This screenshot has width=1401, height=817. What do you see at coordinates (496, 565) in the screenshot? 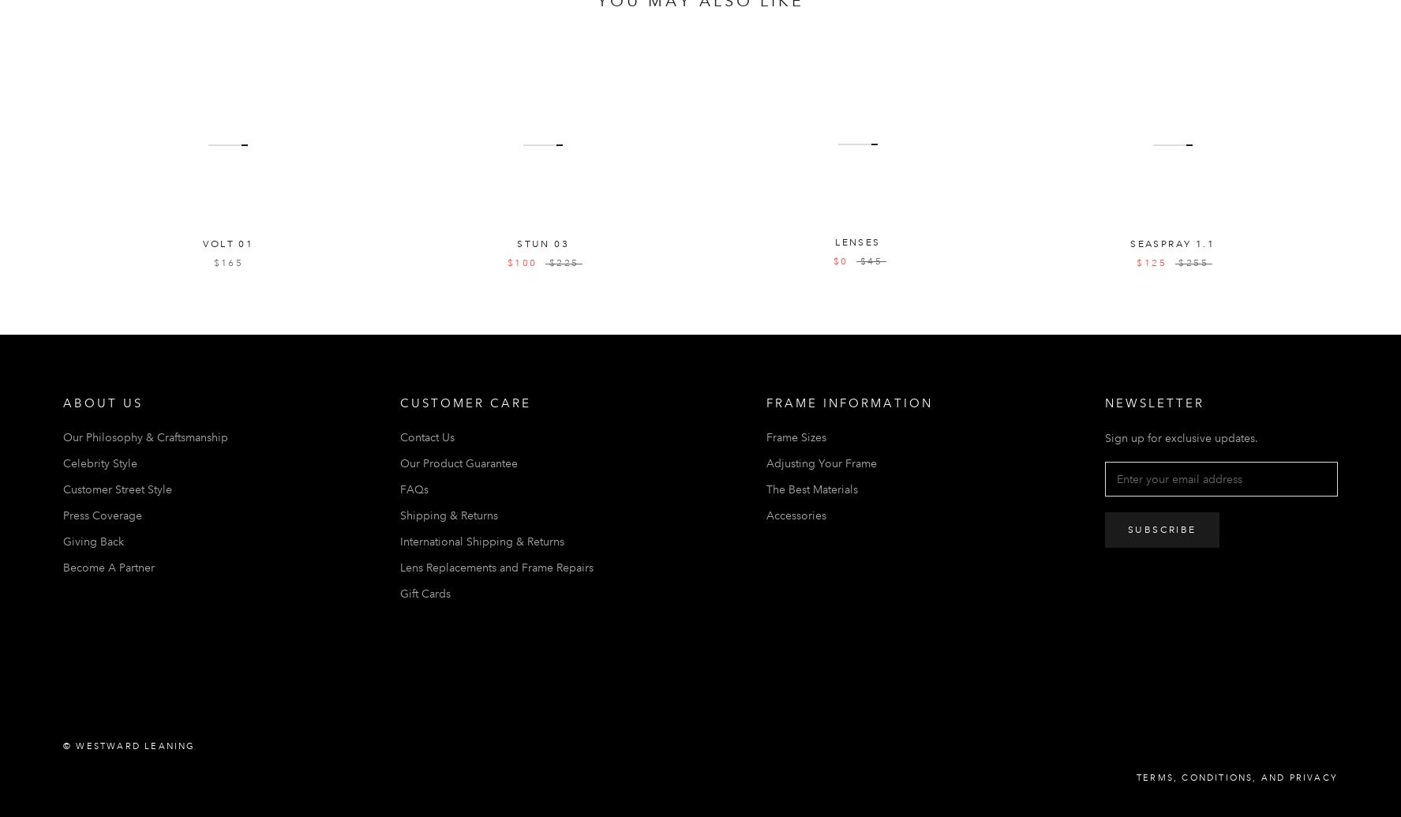
I see `'Lens Replacements and Frame Repairs'` at bounding box center [496, 565].